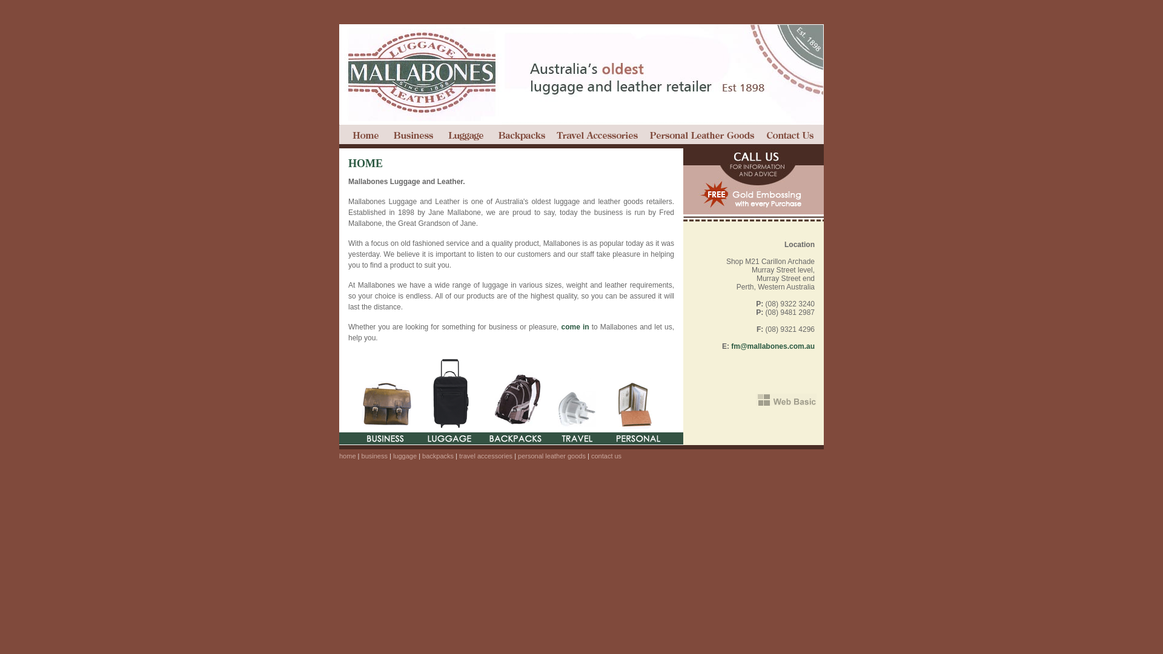  Describe the element at coordinates (606, 455) in the screenshot. I see `'contact us'` at that location.